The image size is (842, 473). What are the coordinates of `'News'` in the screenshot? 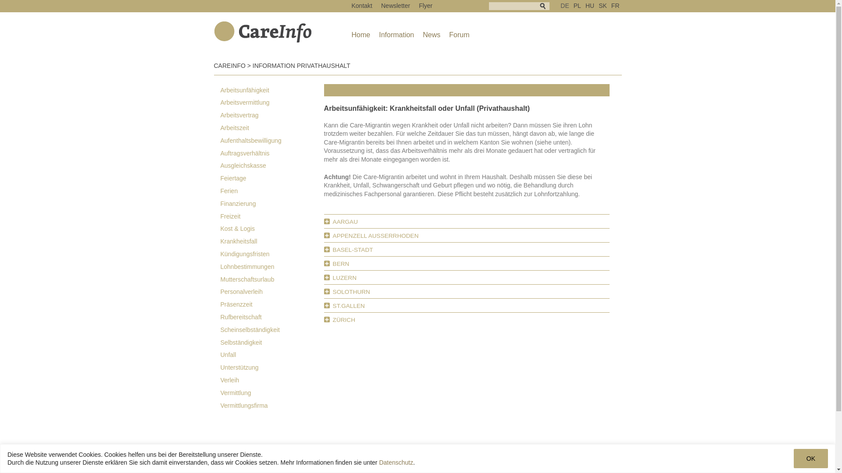 It's located at (431, 34).